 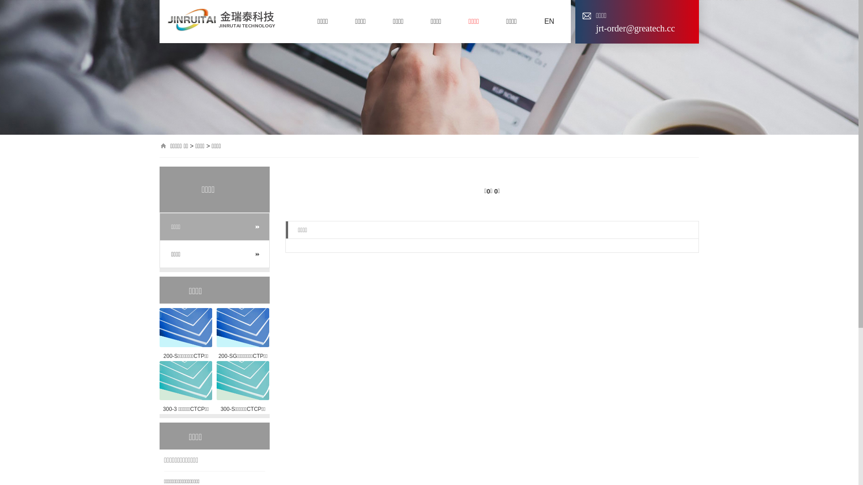 I want to click on 'EN', so click(x=549, y=21).